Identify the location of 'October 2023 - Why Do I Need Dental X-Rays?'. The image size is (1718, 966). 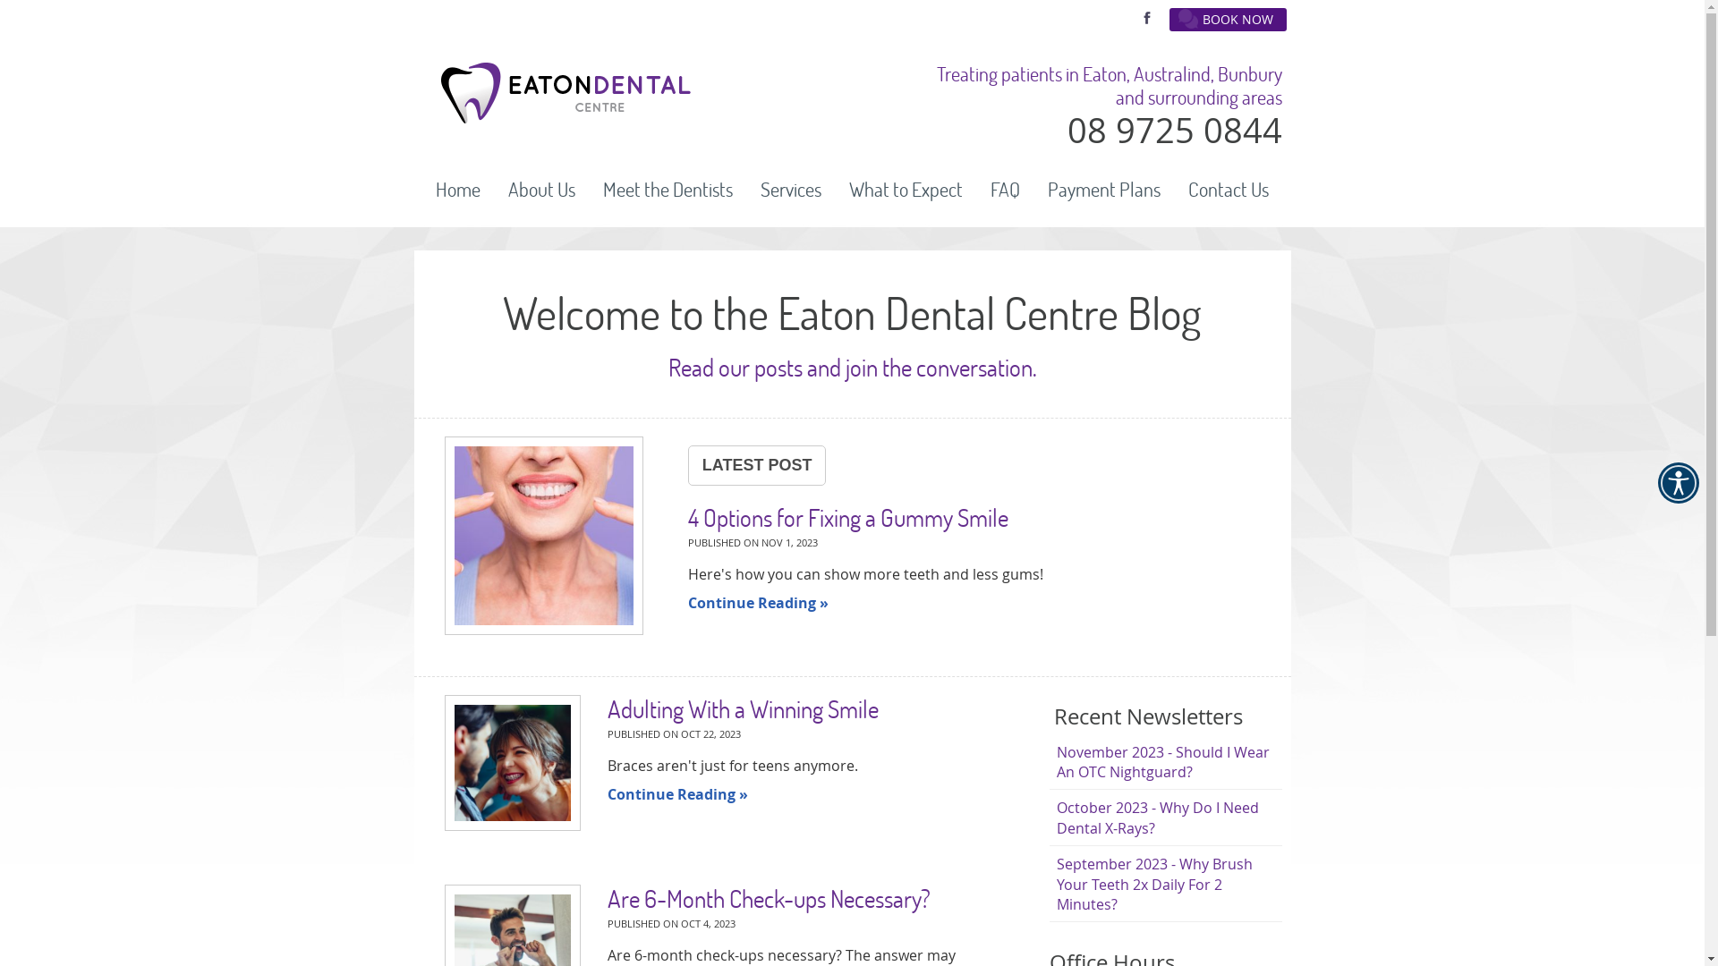
(1164, 818).